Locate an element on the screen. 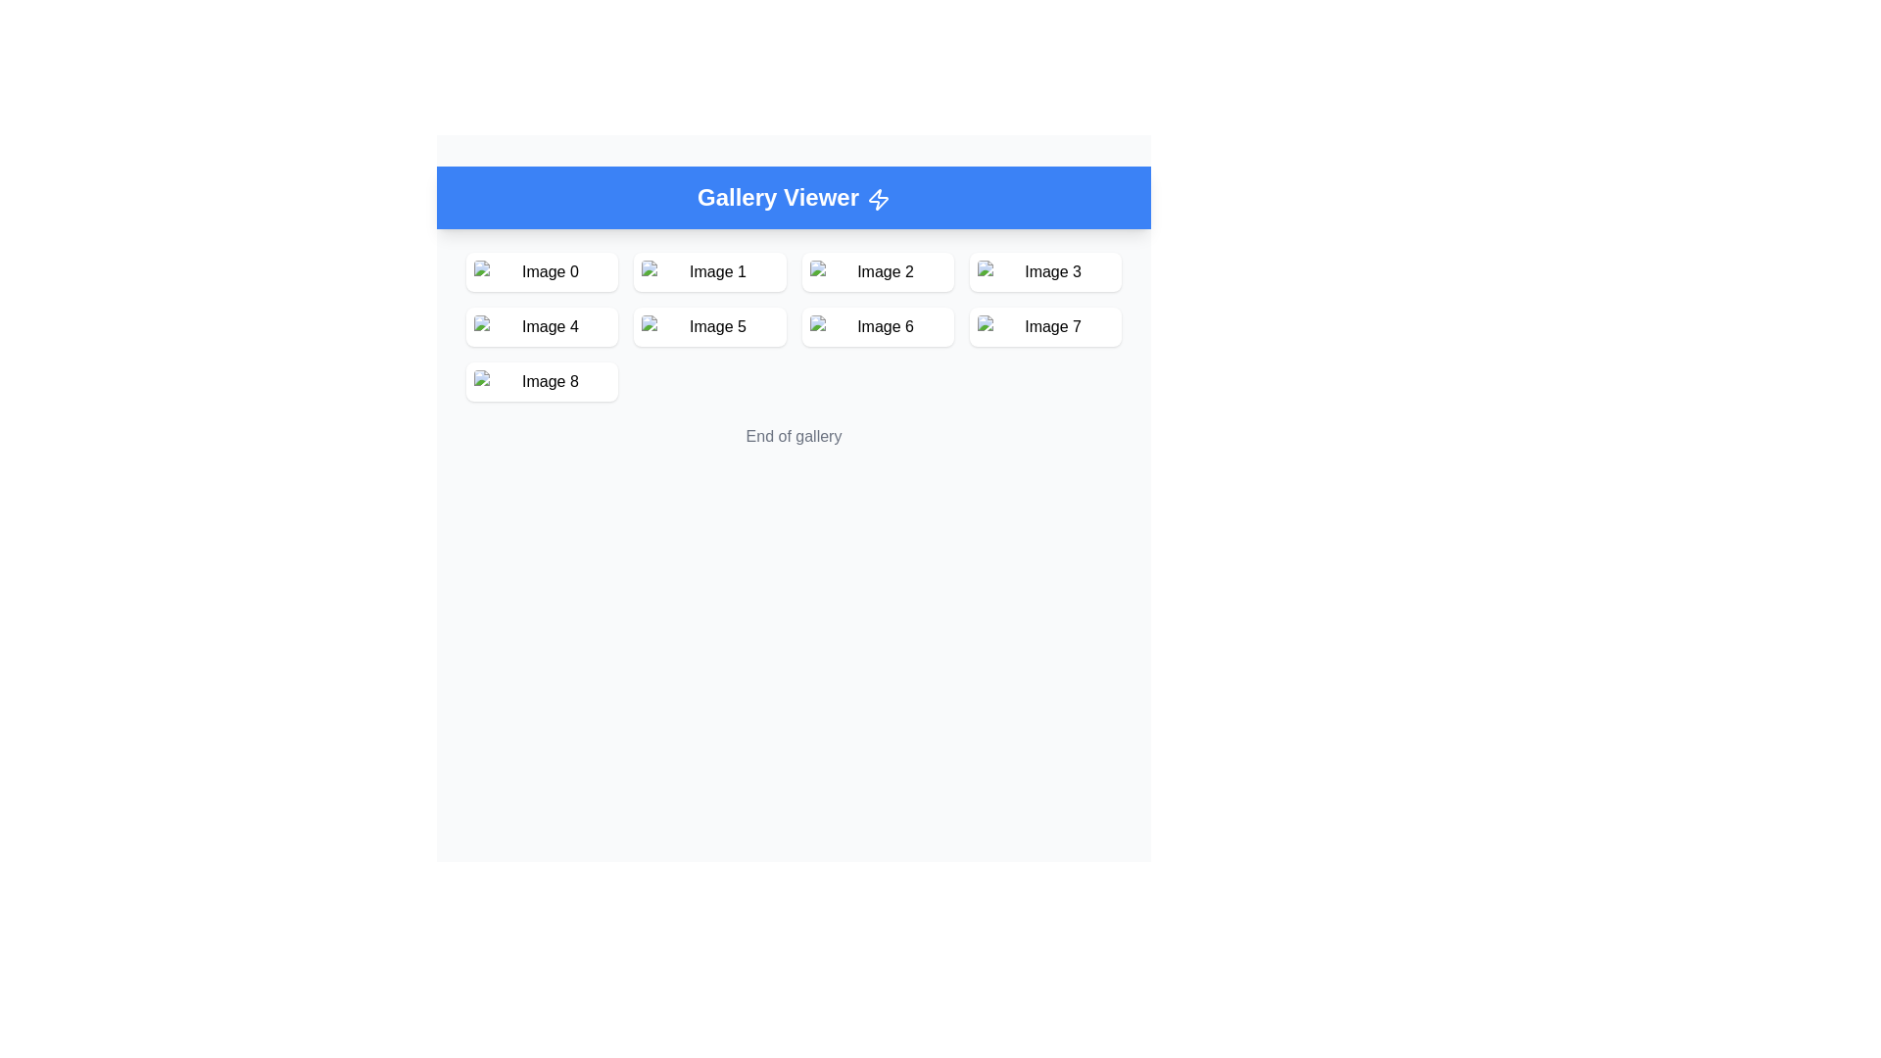 This screenshot has width=1881, height=1058. the image displayed in the gallery viewer, located in the fourth column of the second row, next to 'Image 6' is located at coordinates (1044, 326).